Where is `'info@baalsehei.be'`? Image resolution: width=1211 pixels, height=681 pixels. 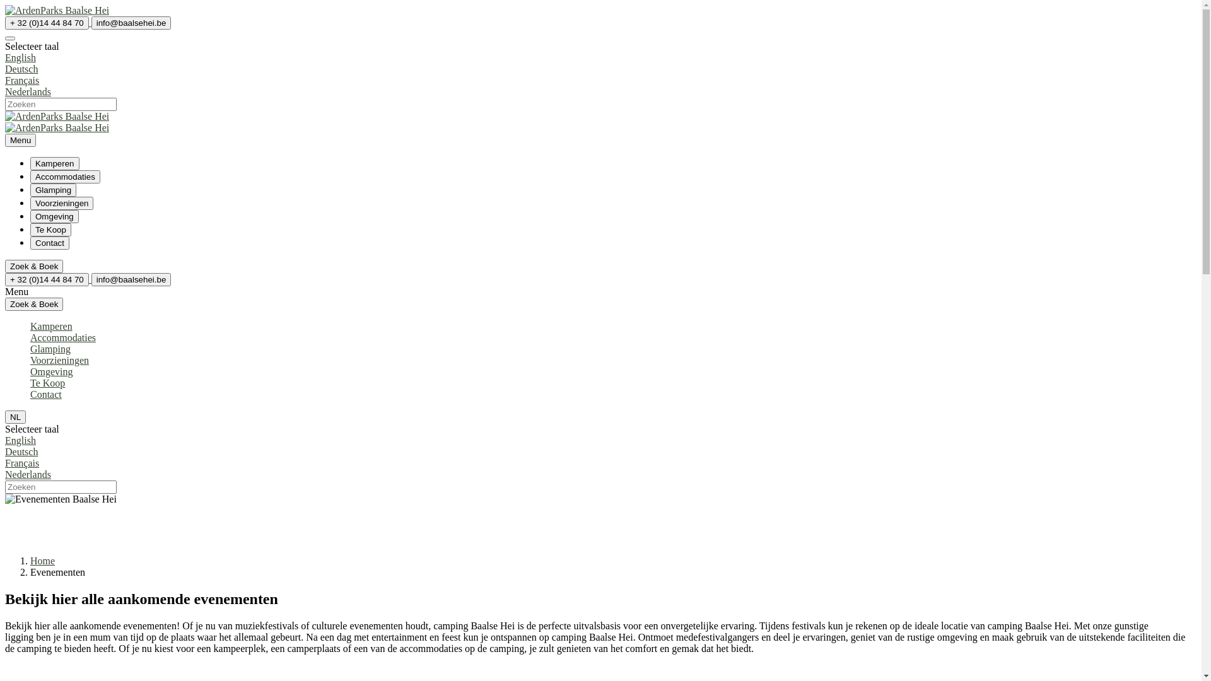
'info@baalsehei.be' is located at coordinates (90, 278).